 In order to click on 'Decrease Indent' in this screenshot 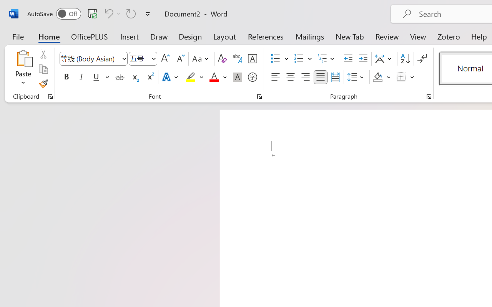, I will do `click(348, 59)`.